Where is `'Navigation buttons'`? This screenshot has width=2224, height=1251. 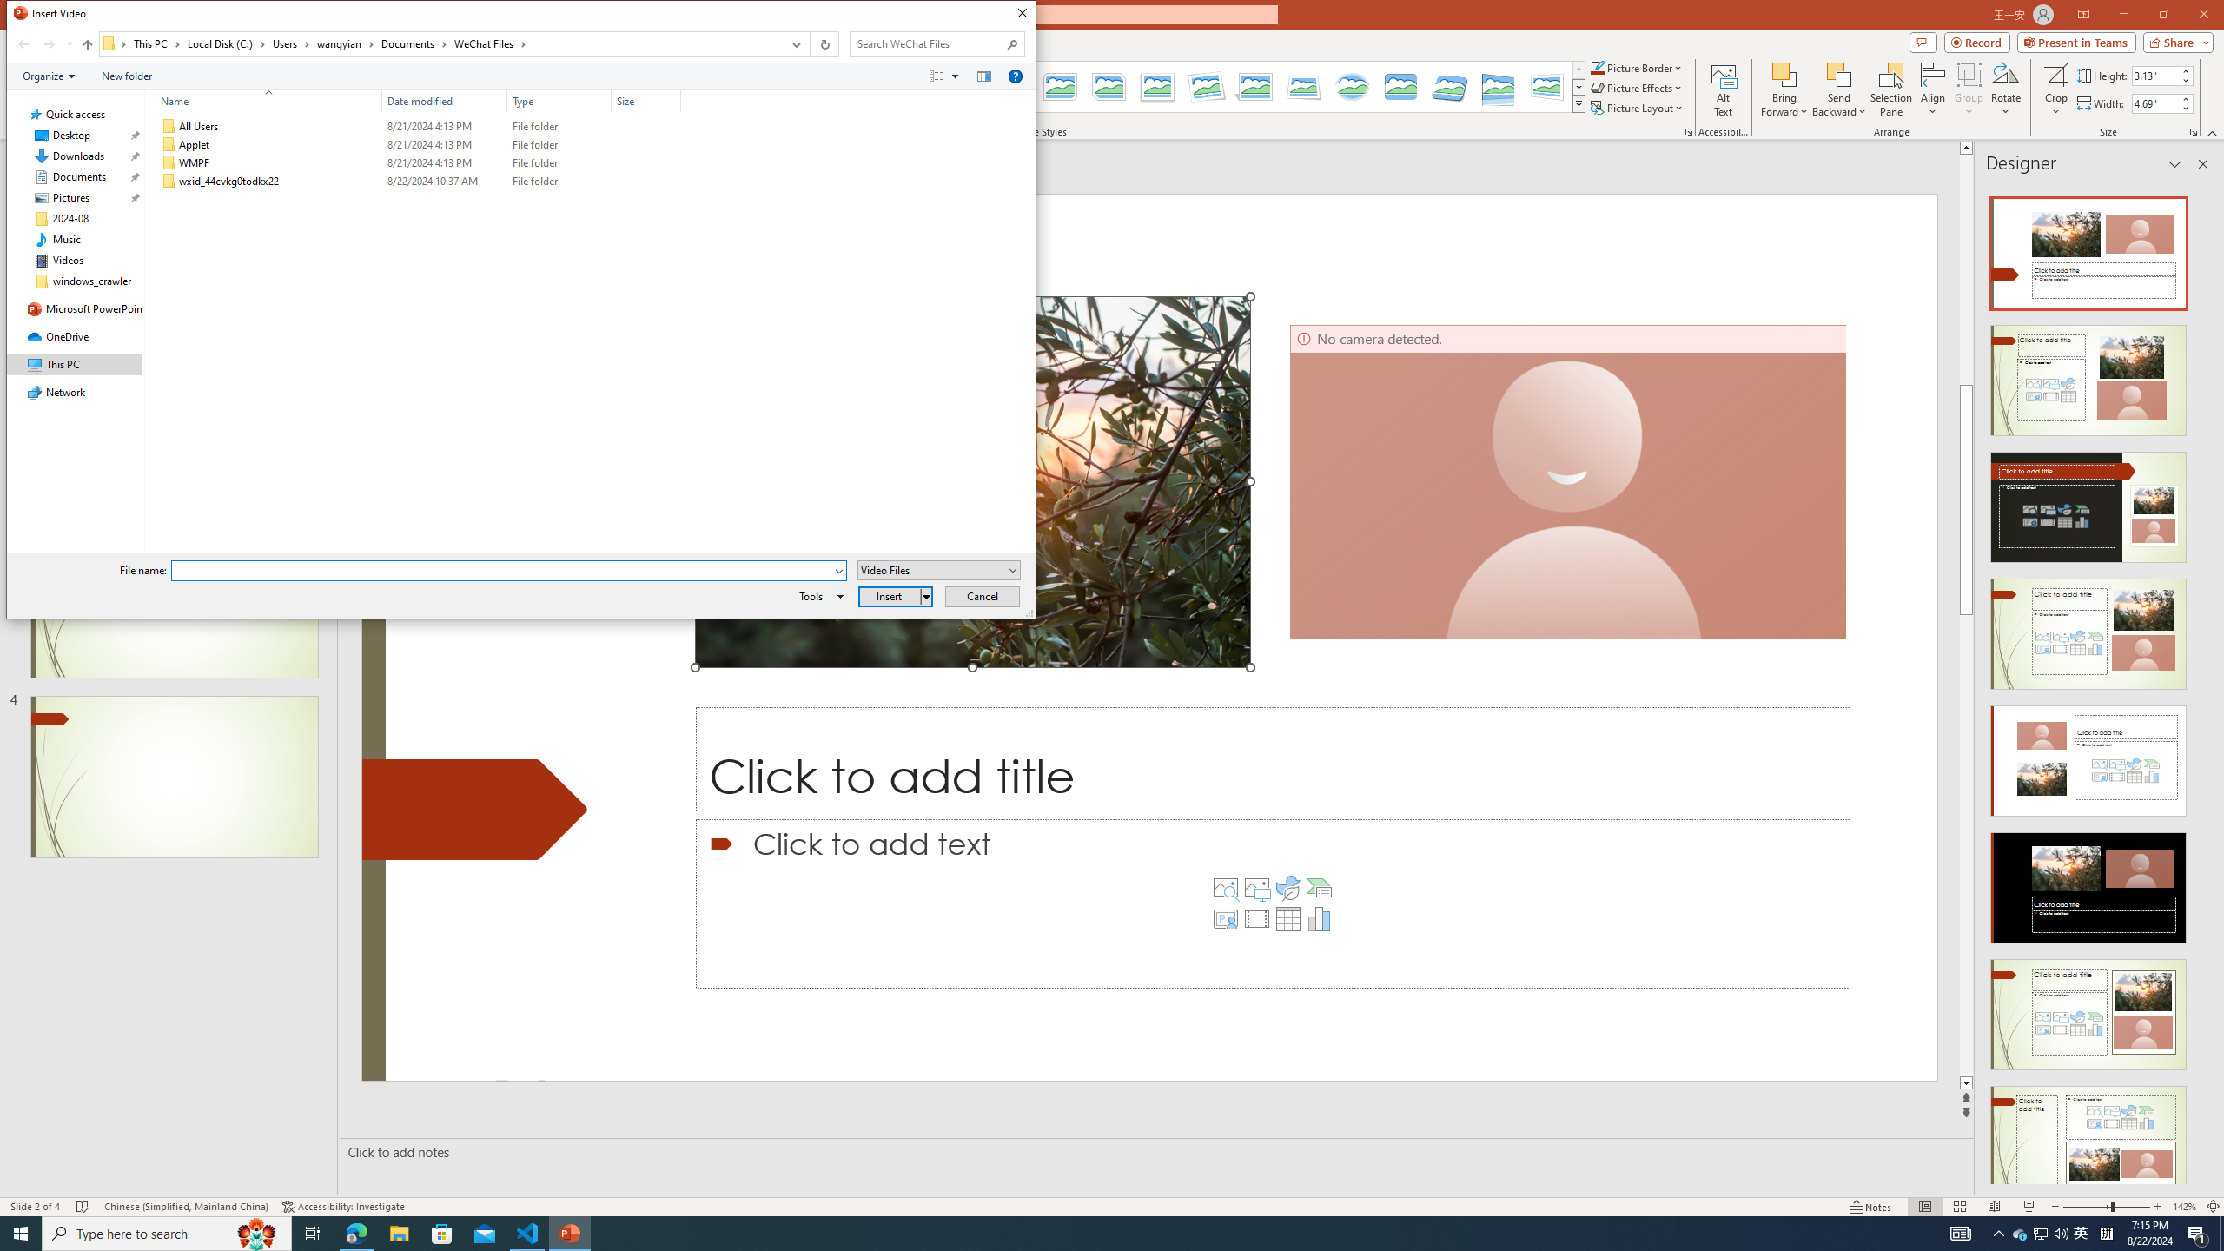 'Navigation buttons' is located at coordinates (43, 43).